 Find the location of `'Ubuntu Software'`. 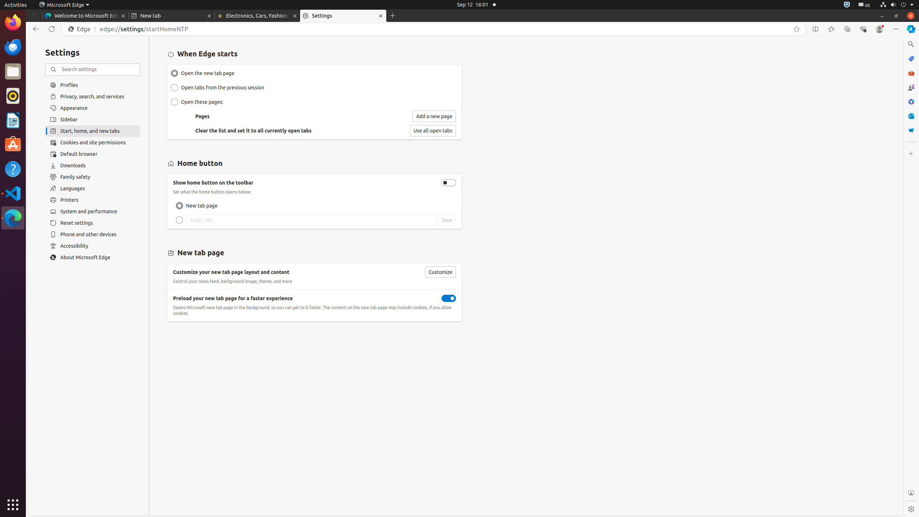

'Ubuntu Software' is located at coordinates (13, 144).